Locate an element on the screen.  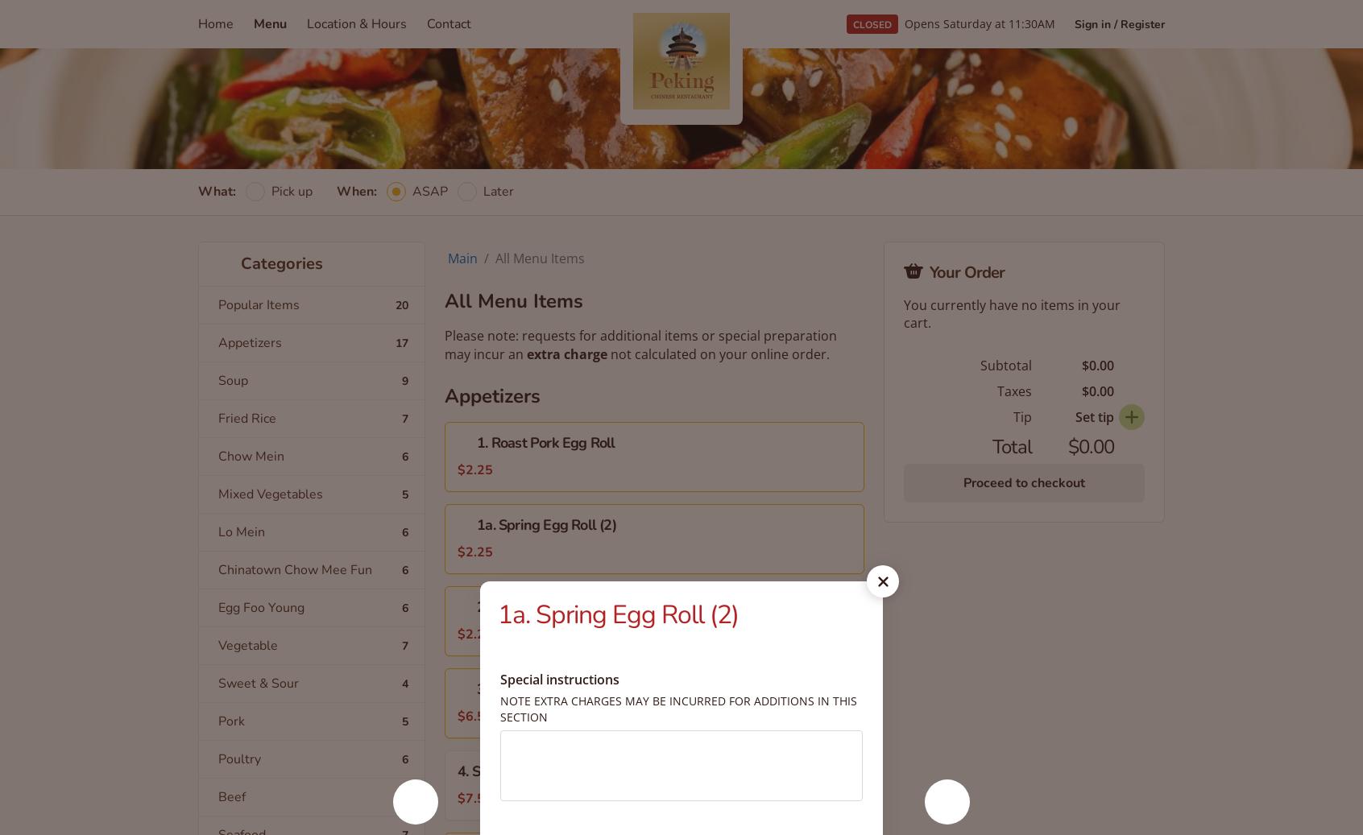
'$6.50' is located at coordinates (474, 716).